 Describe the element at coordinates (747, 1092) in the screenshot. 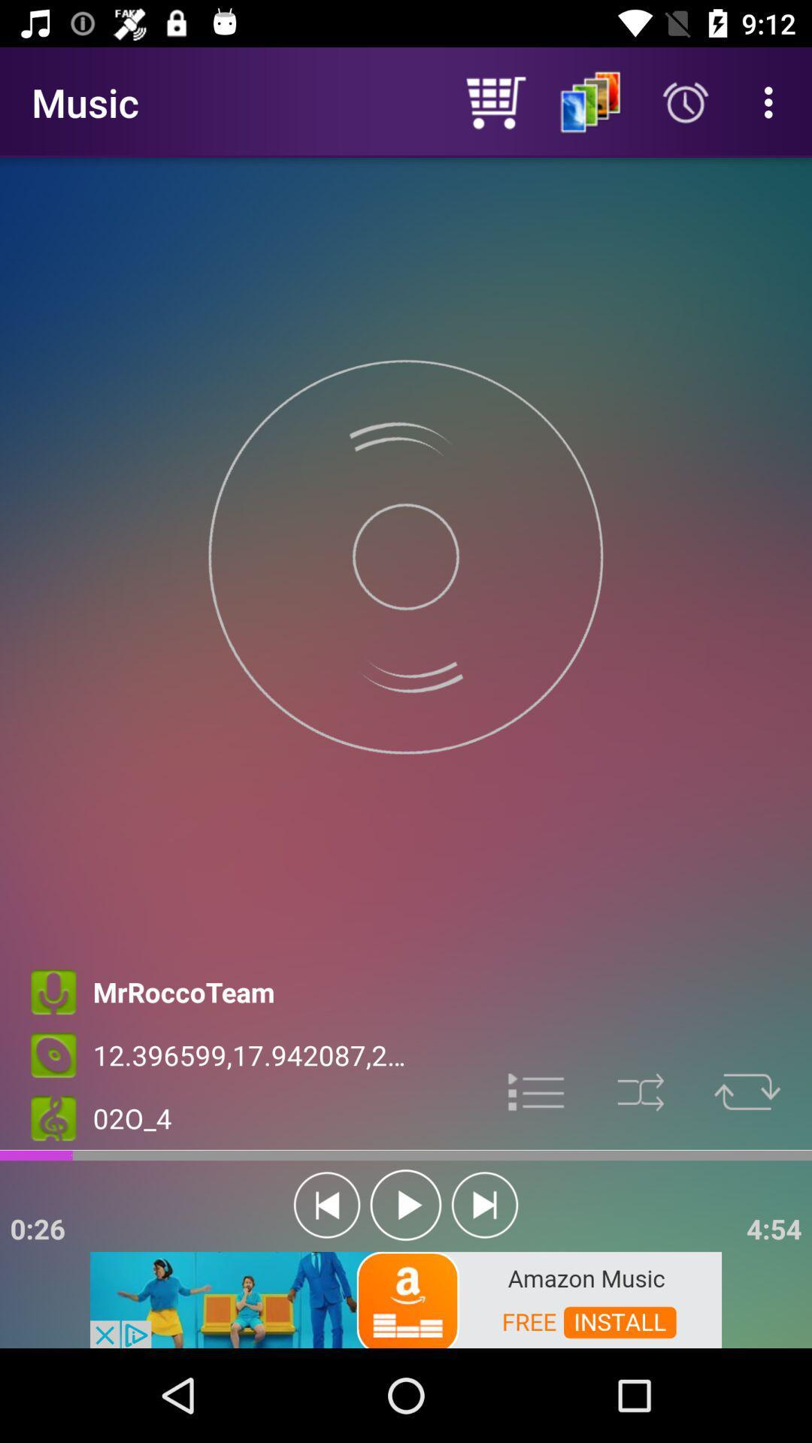

I see `refresh` at that location.